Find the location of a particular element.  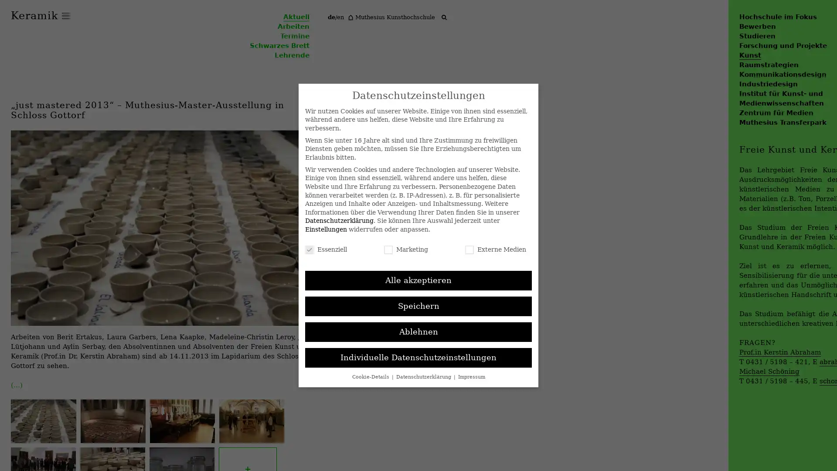

Individuelle Datenschutzeinstellungen is located at coordinates (418, 358).